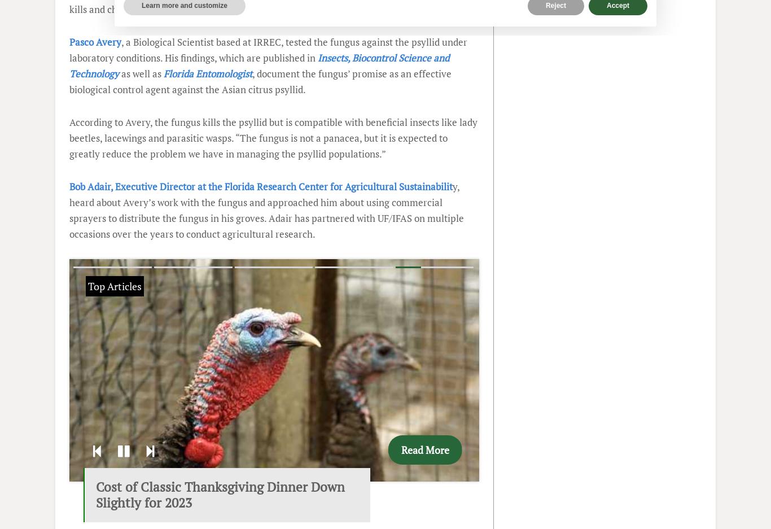 The height and width of the screenshot is (529, 771). I want to click on 'Reject', so click(555, 5).